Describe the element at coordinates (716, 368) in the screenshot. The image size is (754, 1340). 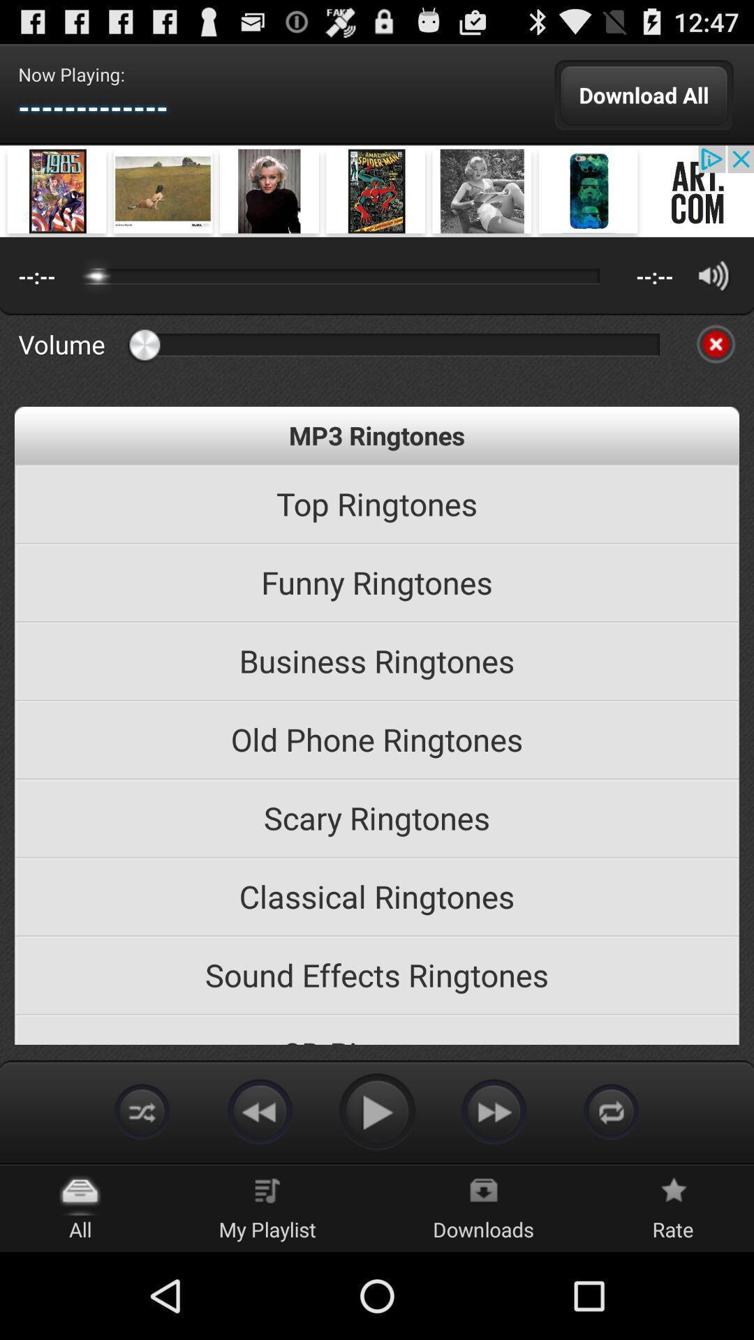
I see `the close icon` at that location.